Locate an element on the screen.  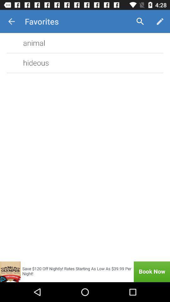
item next to the favorites item is located at coordinates (11, 21).